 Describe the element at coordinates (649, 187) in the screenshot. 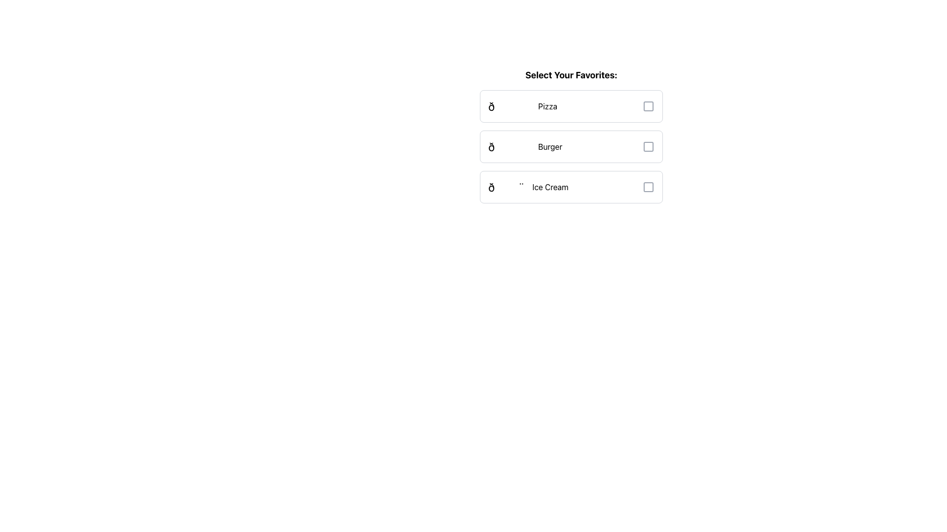

I see `the small square SVG graphic with rounded corners, styled with a stroke of 'currentColor' and a fill of 'none', located at the far-right of the 'Ice Cream' list item` at that location.